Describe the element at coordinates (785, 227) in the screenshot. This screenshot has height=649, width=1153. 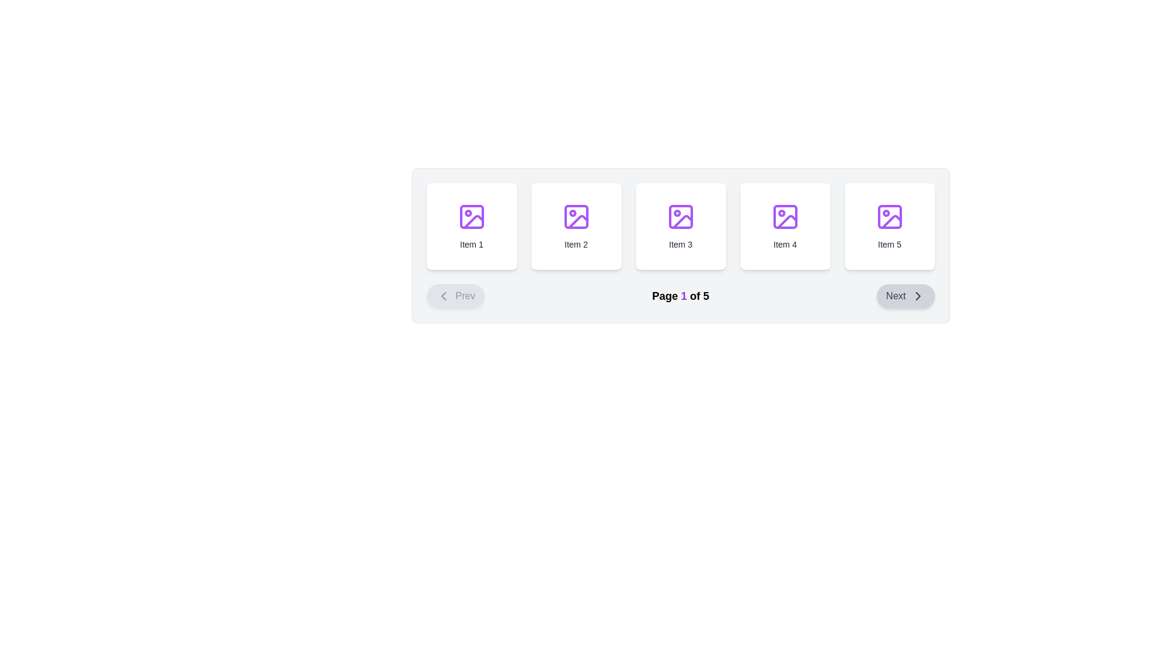
I see `the fourth card in a horizontal grid` at that location.